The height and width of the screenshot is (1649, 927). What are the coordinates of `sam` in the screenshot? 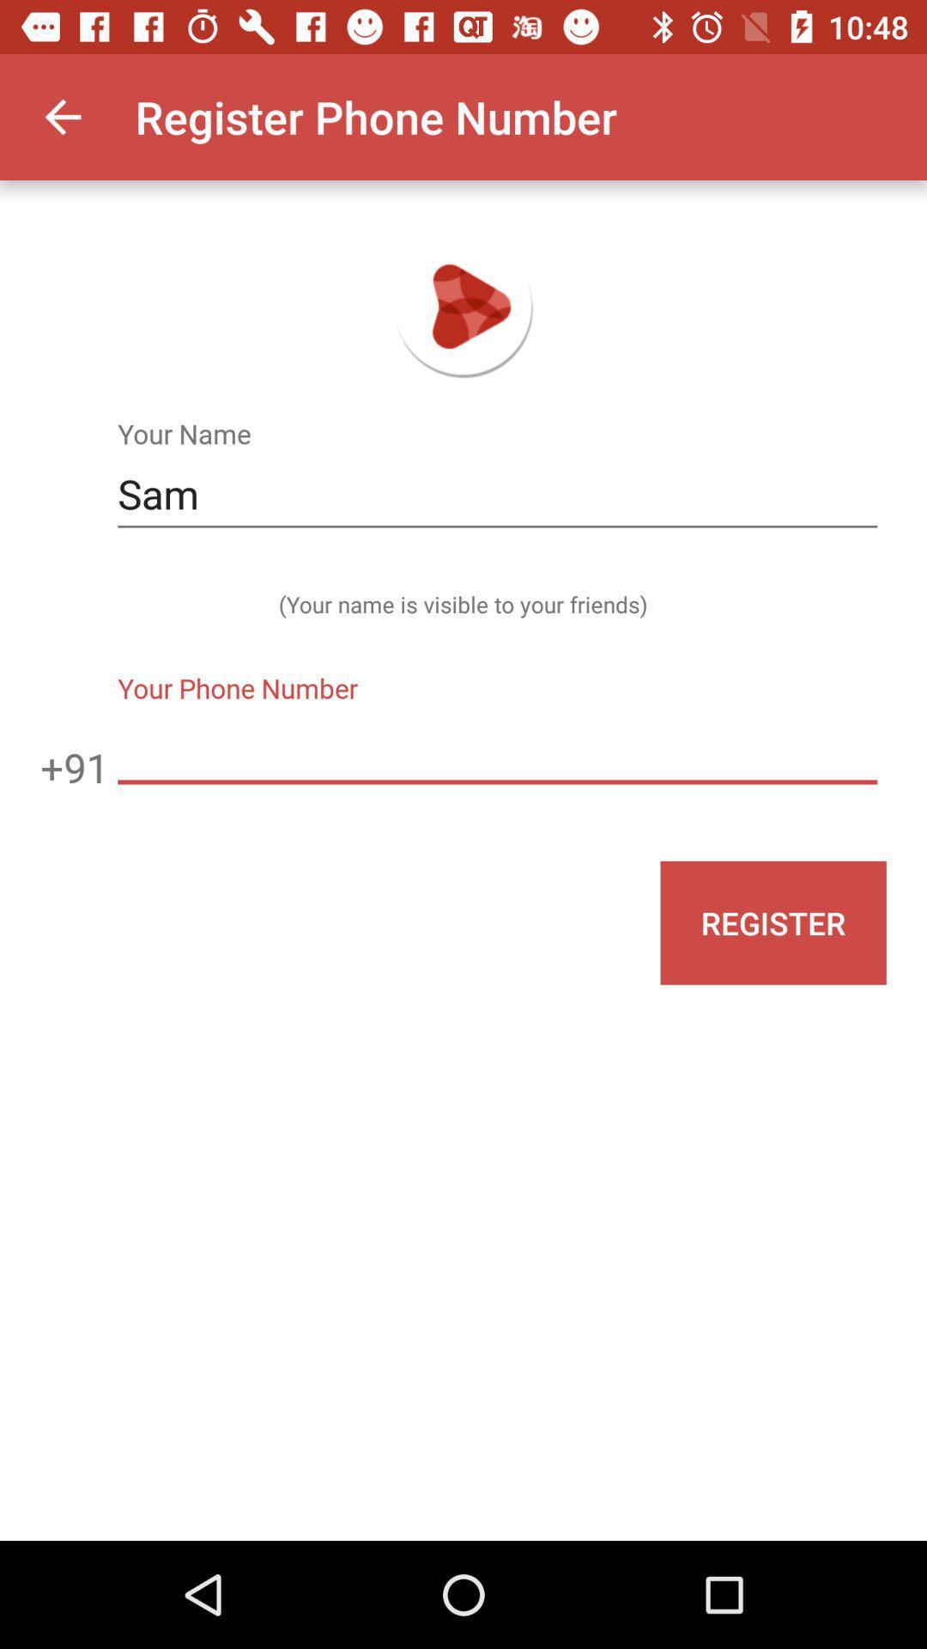 It's located at (497, 494).